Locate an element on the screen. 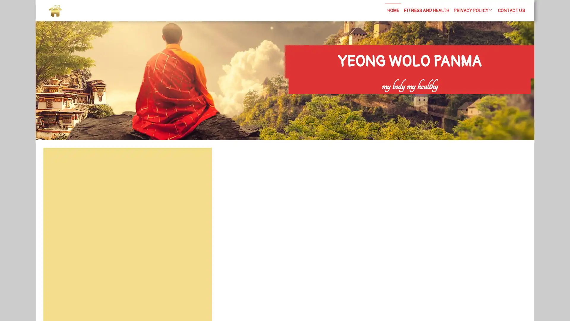 The height and width of the screenshot is (321, 570). Search is located at coordinates (198, 162).